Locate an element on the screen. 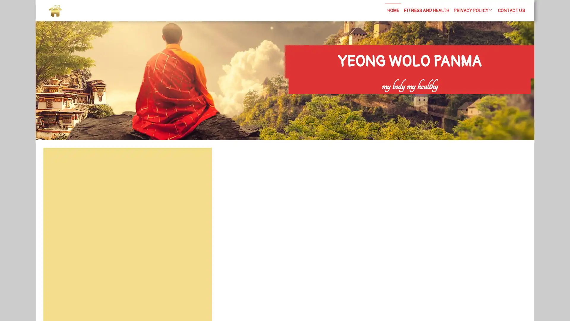 The height and width of the screenshot is (321, 570). Search is located at coordinates (198, 162).